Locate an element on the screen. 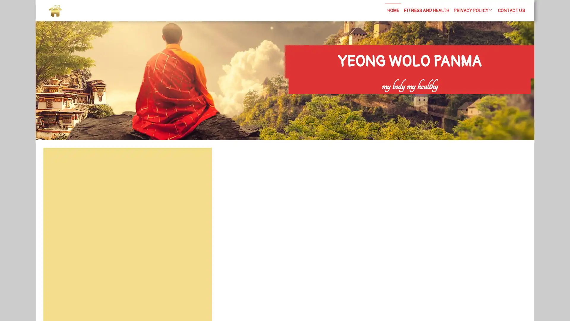 The height and width of the screenshot is (321, 570). Search is located at coordinates (198, 162).